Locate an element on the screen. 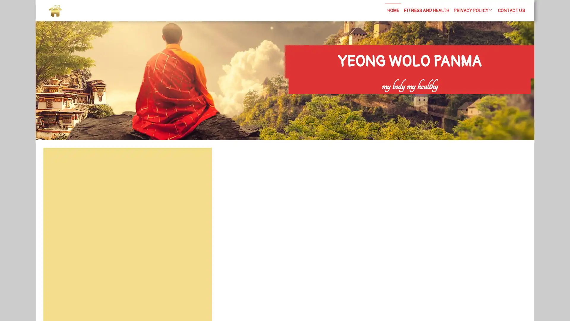 The height and width of the screenshot is (321, 570). Search is located at coordinates (198, 162).